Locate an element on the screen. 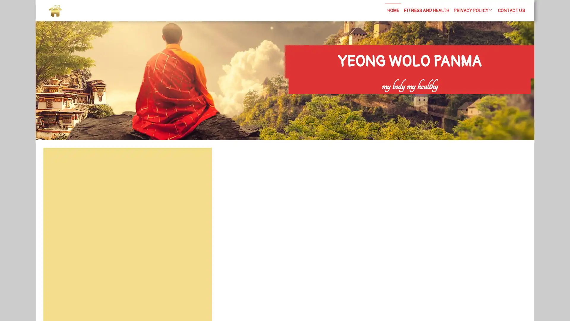 The height and width of the screenshot is (321, 570). Search is located at coordinates (198, 162).